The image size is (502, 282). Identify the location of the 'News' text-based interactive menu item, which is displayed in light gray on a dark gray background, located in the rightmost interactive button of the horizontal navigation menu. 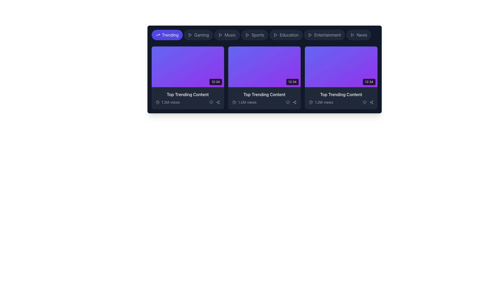
(362, 35).